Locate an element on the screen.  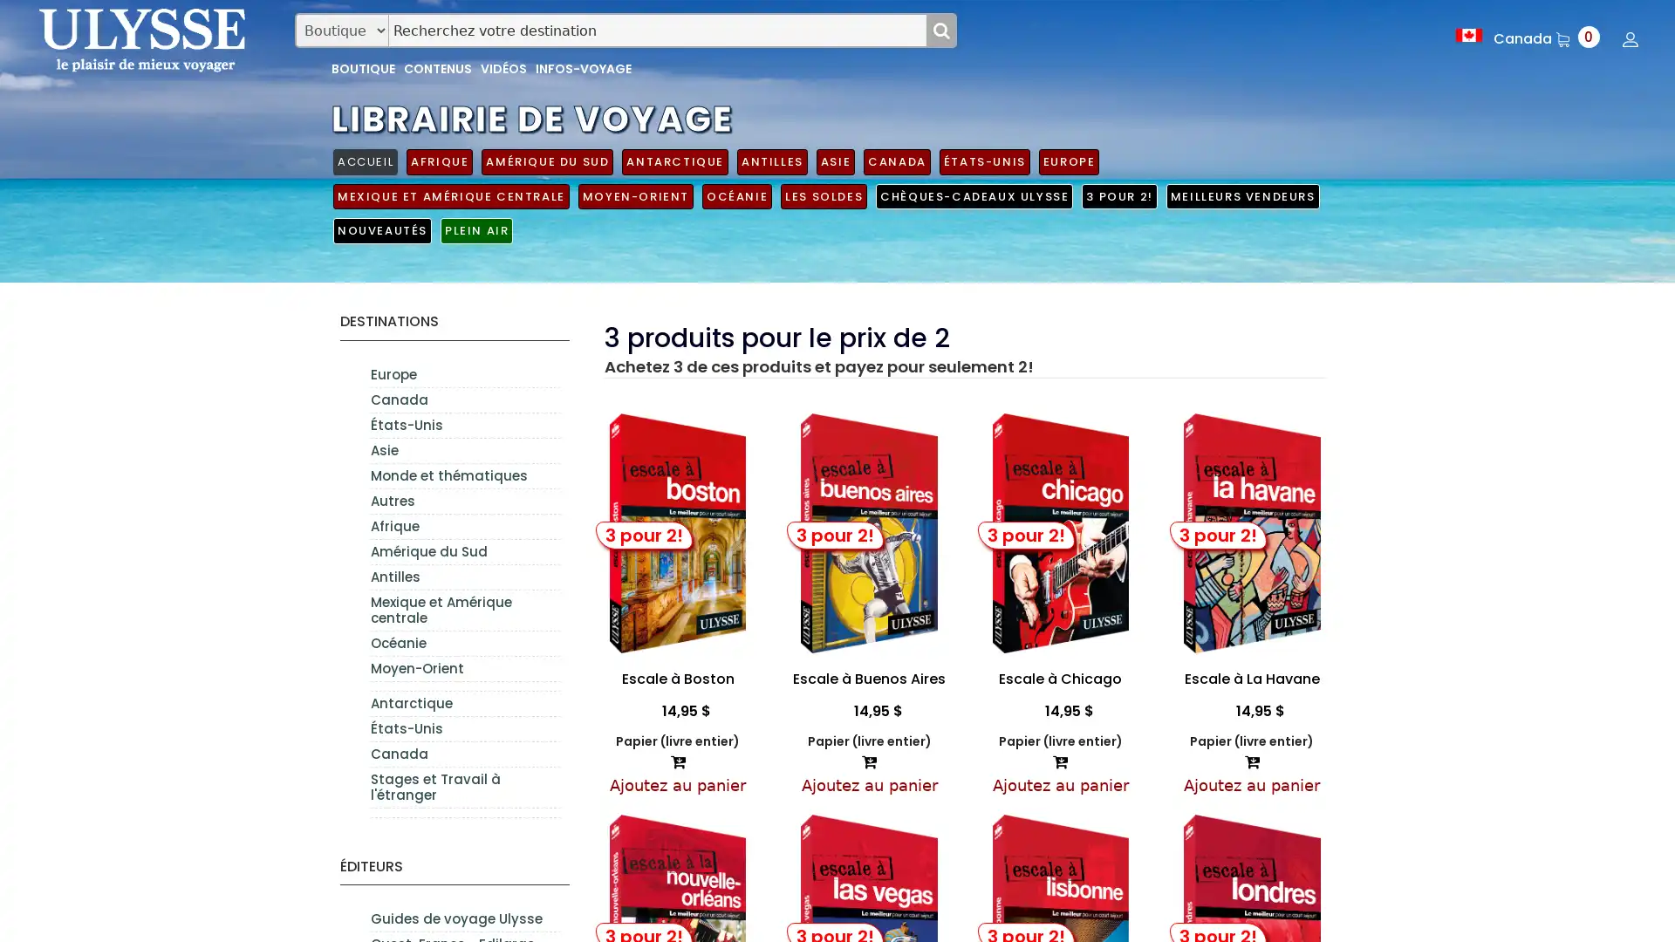
PLEIN AIR is located at coordinates (476, 229).